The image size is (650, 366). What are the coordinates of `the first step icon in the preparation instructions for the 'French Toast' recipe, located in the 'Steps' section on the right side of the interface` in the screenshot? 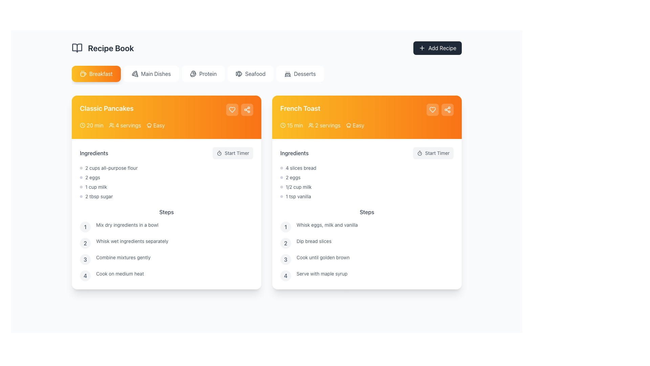 It's located at (286, 227).